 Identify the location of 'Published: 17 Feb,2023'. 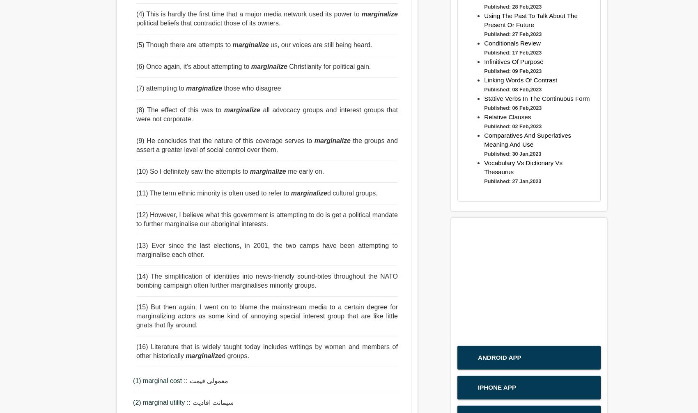
(512, 52).